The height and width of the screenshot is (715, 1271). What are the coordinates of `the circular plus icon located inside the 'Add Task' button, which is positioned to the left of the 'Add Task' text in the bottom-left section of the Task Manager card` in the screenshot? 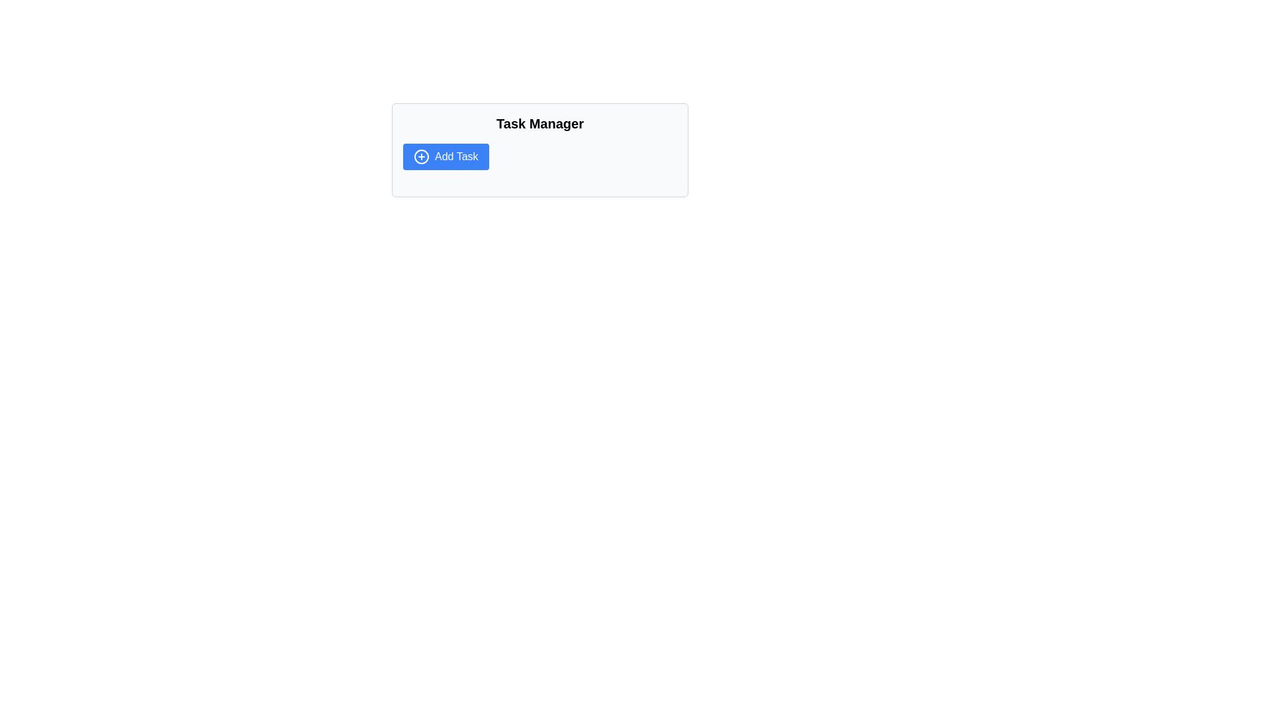 It's located at (421, 156).